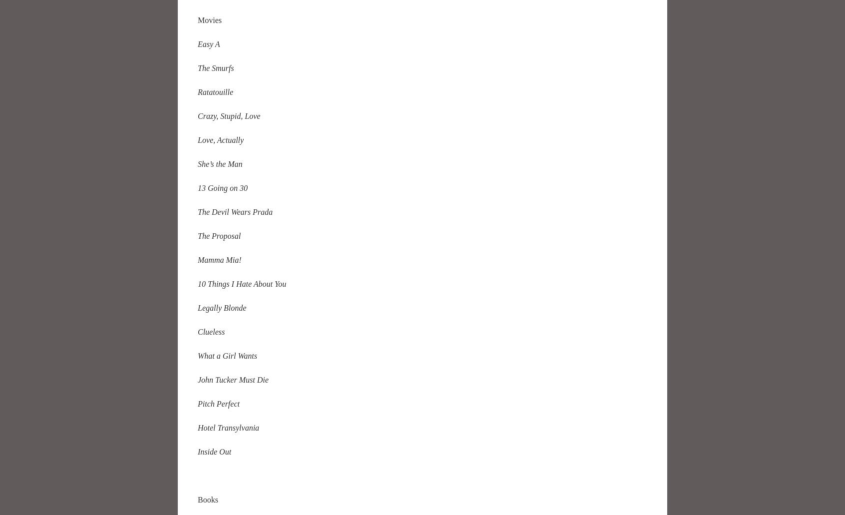 The image size is (845, 515). What do you see at coordinates (208, 43) in the screenshot?
I see `'Easy A'` at bounding box center [208, 43].